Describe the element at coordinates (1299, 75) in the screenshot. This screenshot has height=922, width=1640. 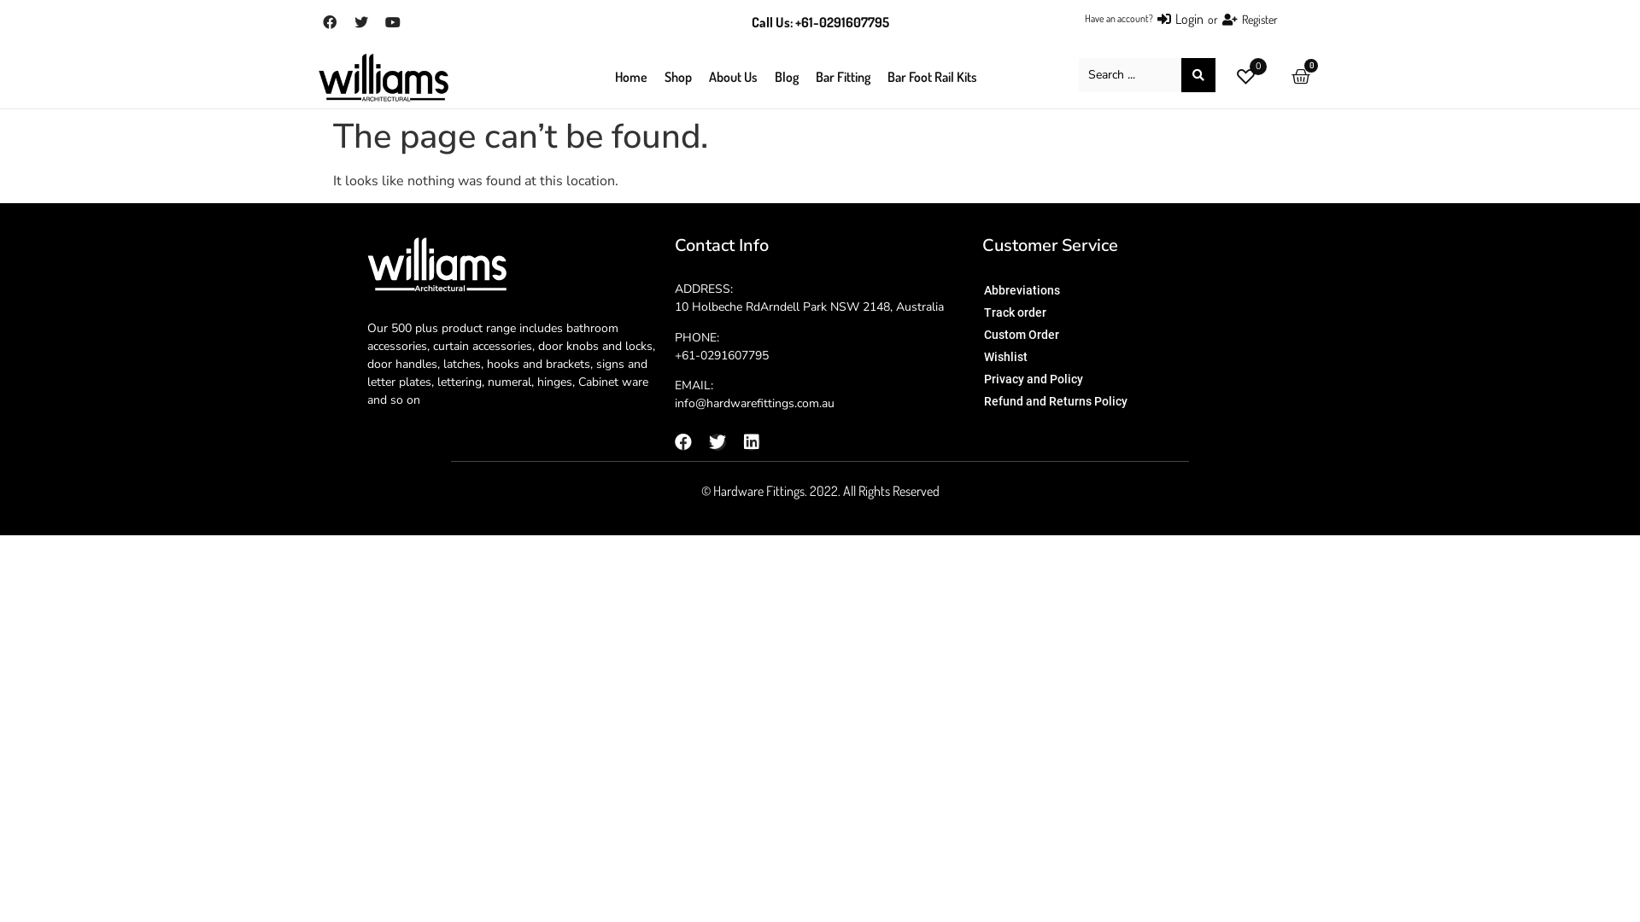
I see `'0'` at that location.